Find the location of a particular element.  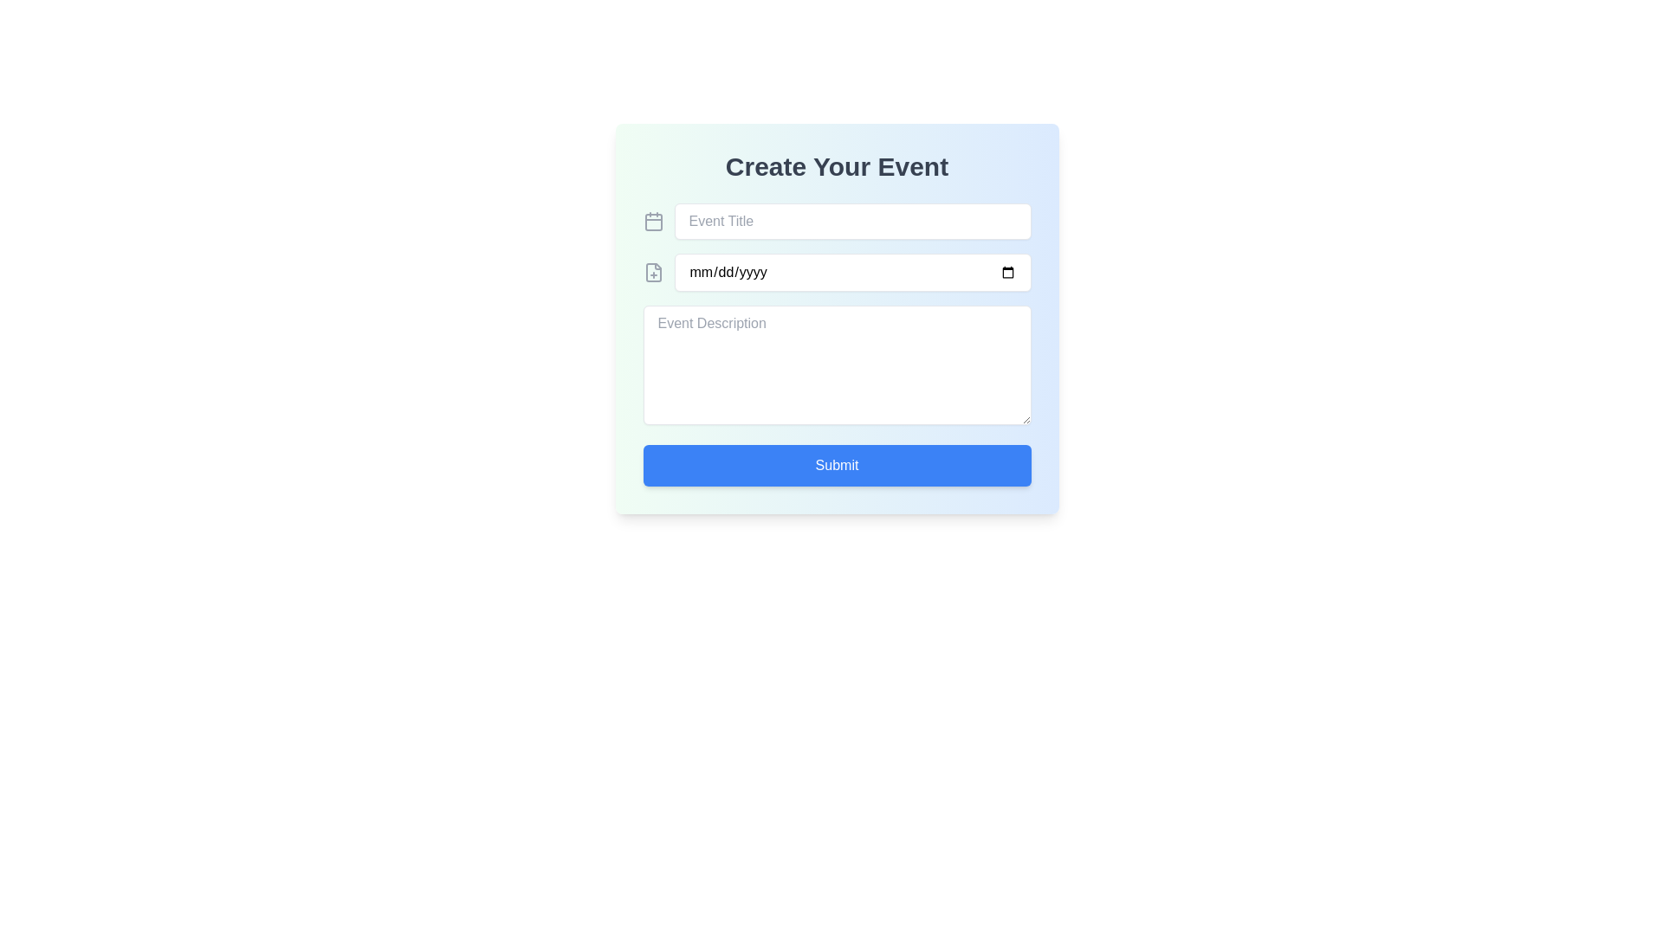

the decorative or informative icon located to the left of the date input field is located at coordinates (652, 273).